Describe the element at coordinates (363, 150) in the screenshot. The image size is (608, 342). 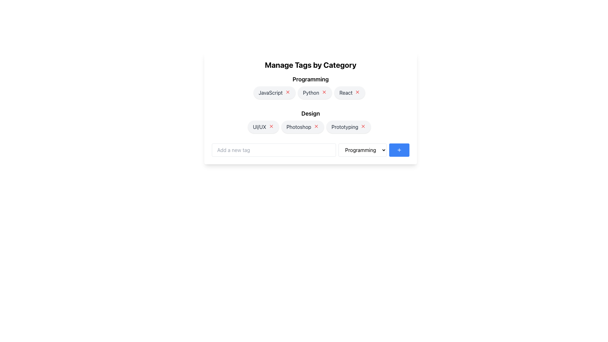
I see `the dropdown button related to the 'Programming' tag` at that location.